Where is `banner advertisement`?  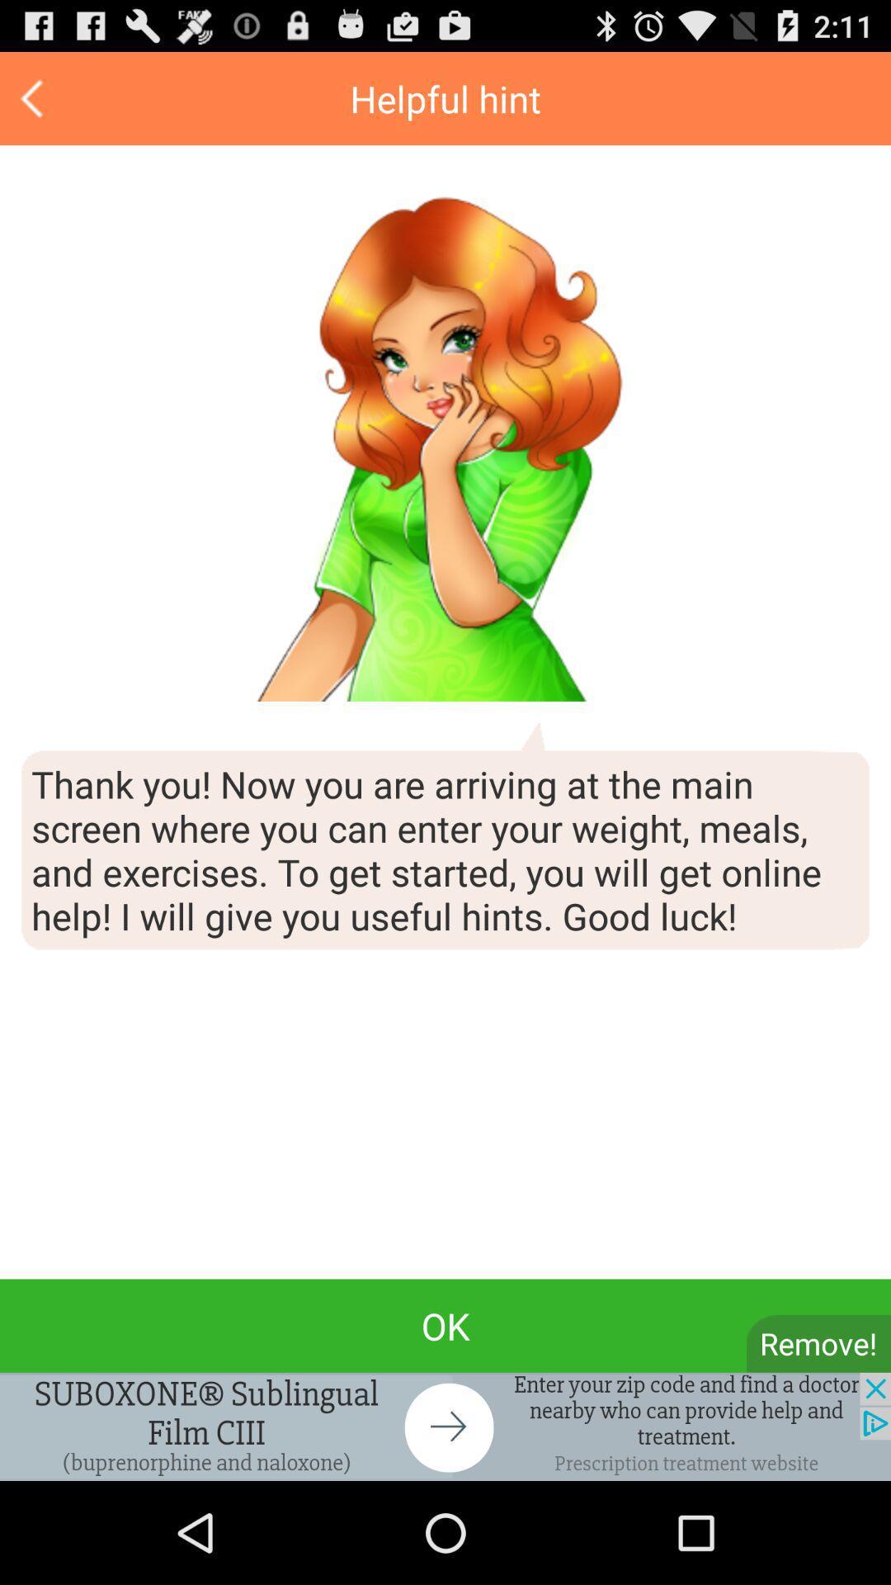
banner advertisement is located at coordinates (445, 1426).